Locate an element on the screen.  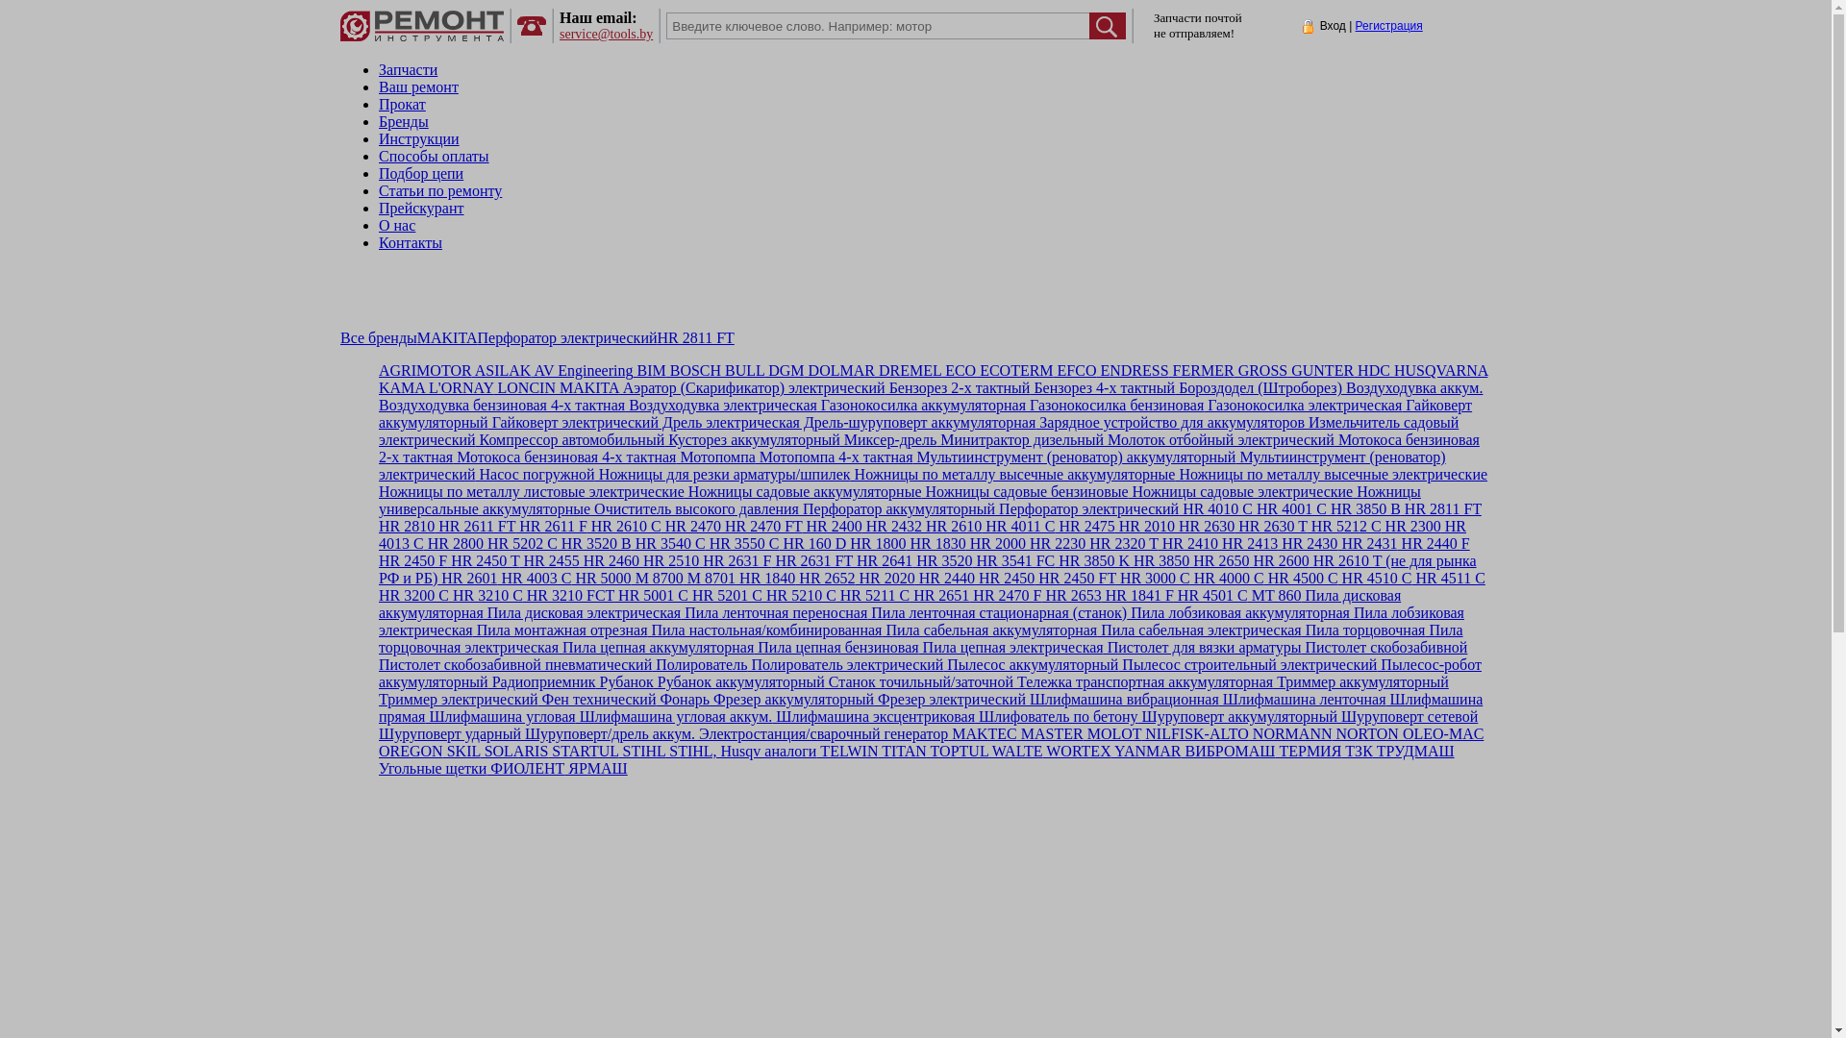
'HR 4013 C' is located at coordinates (378, 534).